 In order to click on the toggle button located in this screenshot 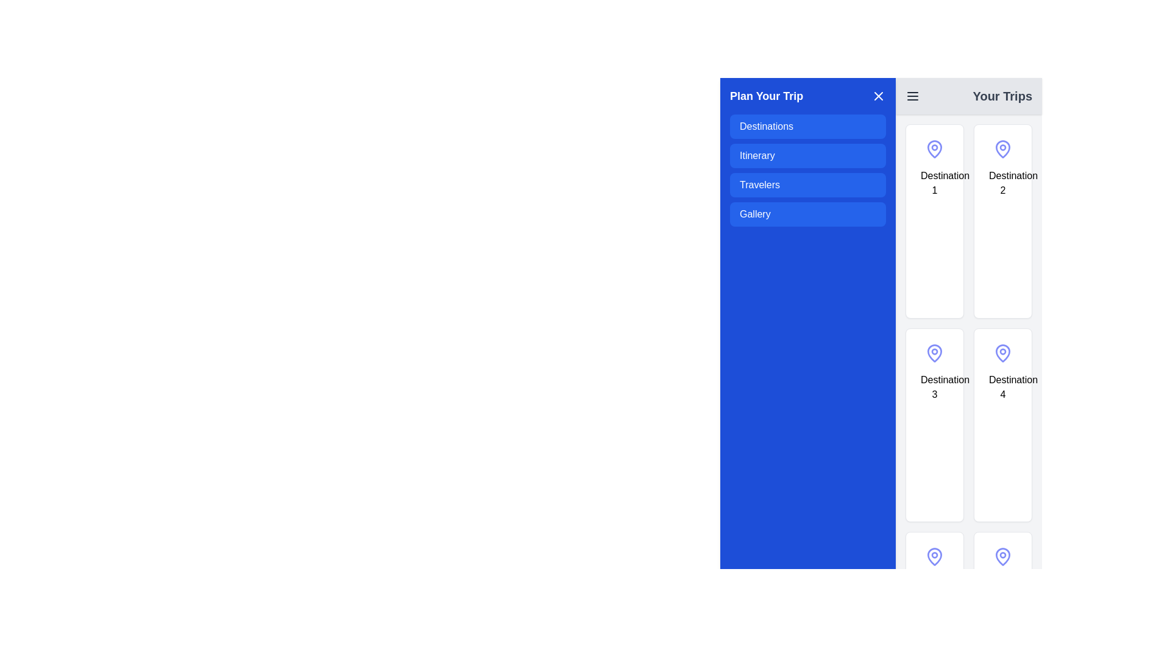, I will do `click(912, 96)`.